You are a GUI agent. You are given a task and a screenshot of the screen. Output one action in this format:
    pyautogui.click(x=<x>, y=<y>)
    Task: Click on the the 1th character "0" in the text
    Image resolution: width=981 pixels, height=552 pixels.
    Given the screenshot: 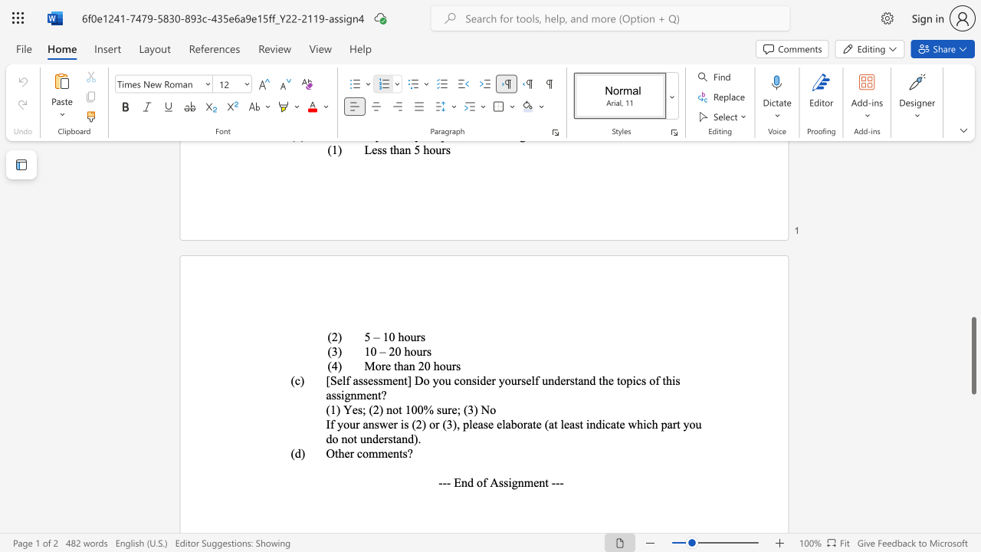 What is the action you would take?
    pyautogui.click(x=414, y=409)
    